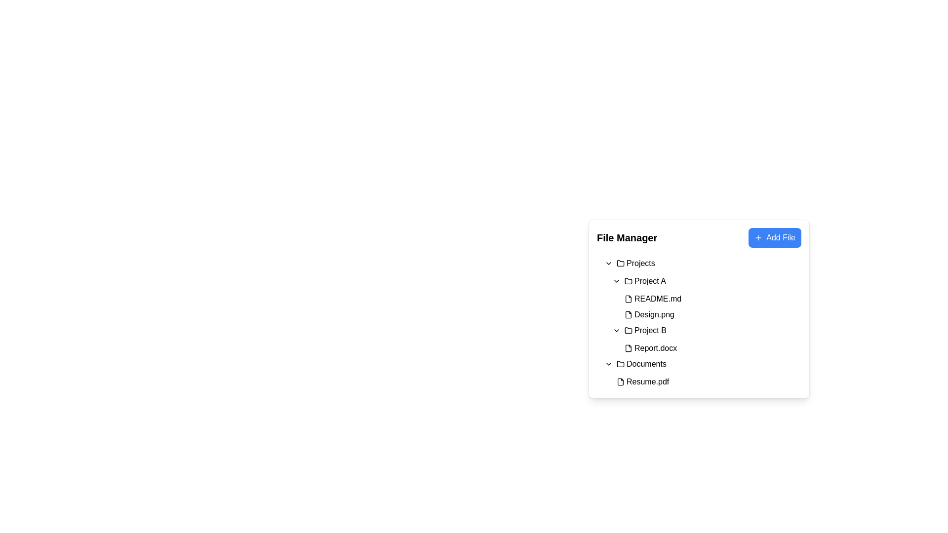 The width and height of the screenshot is (948, 533). What do you see at coordinates (642, 381) in the screenshot?
I see `the 'Resume.pdf' file item` at bounding box center [642, 381].